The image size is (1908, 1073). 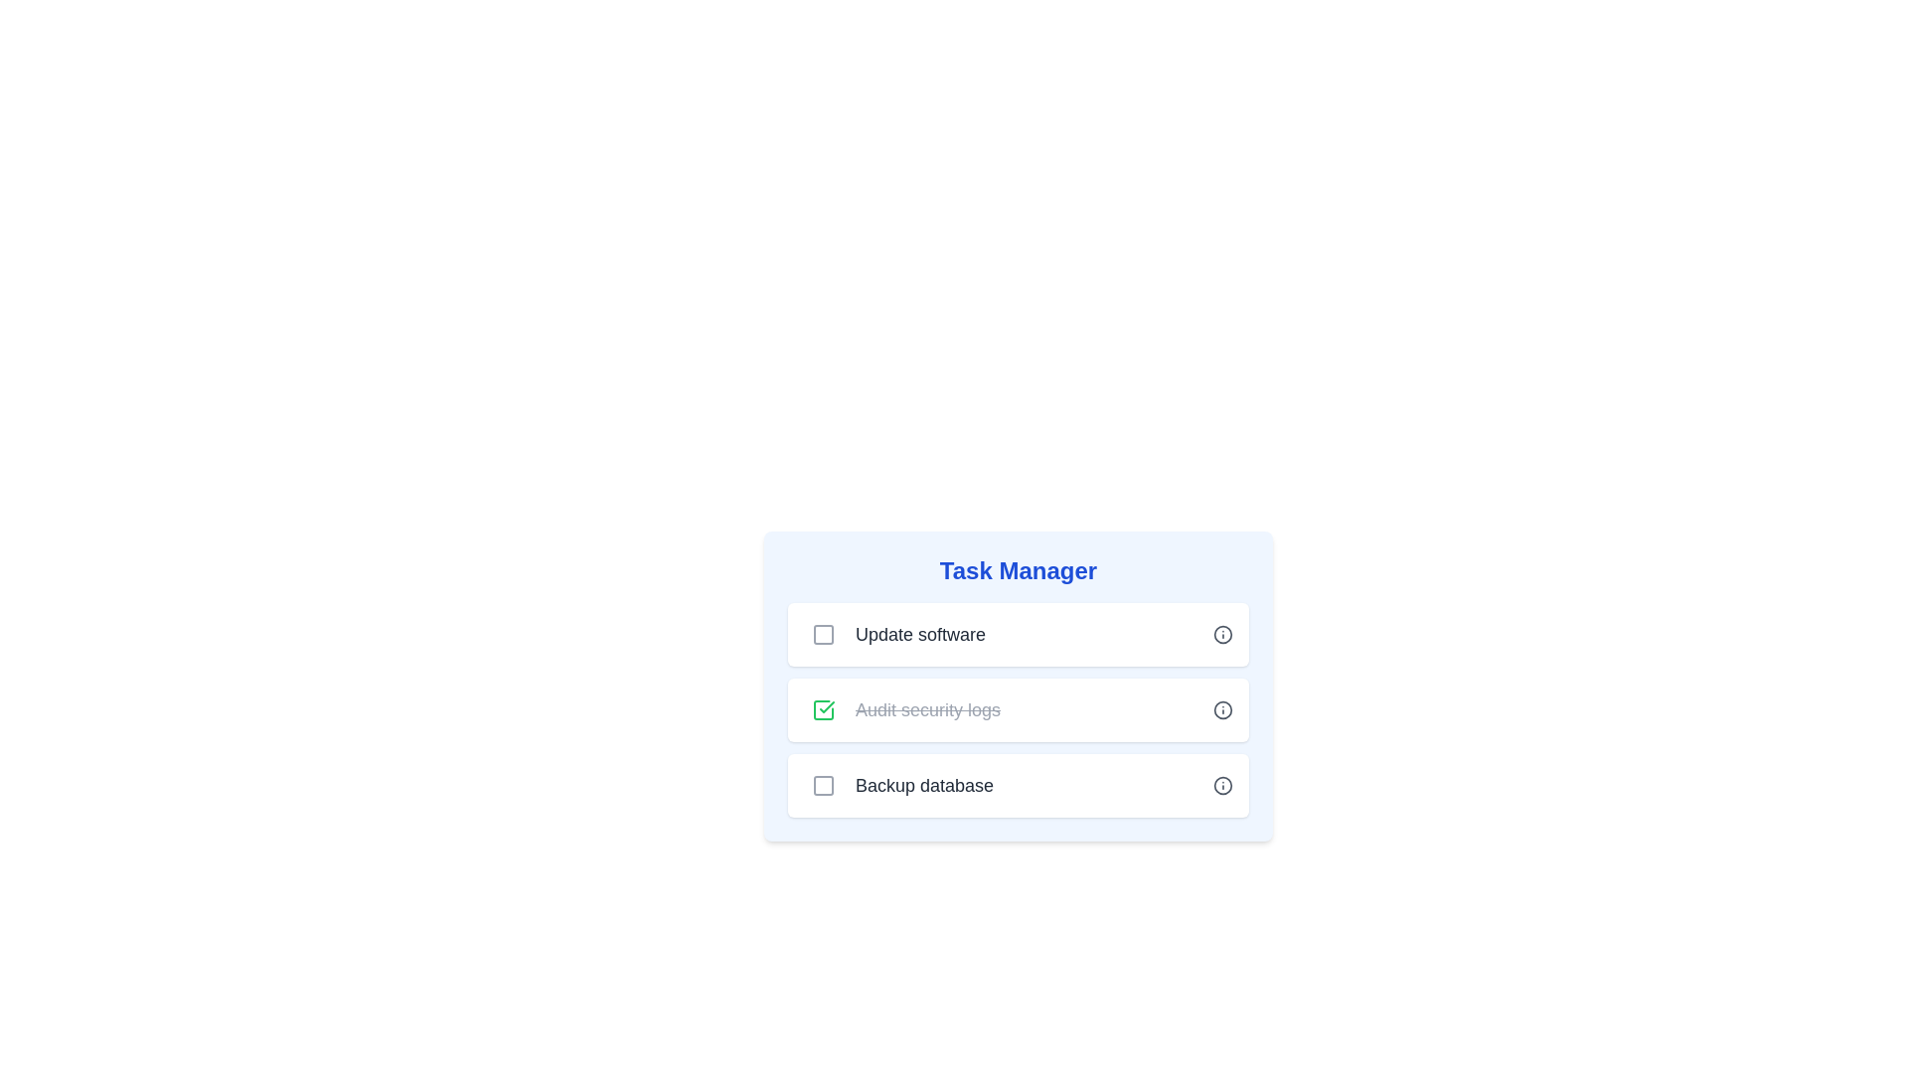 I want to click on the checkbox labeled 'Update software', so click(x=893, y=635).